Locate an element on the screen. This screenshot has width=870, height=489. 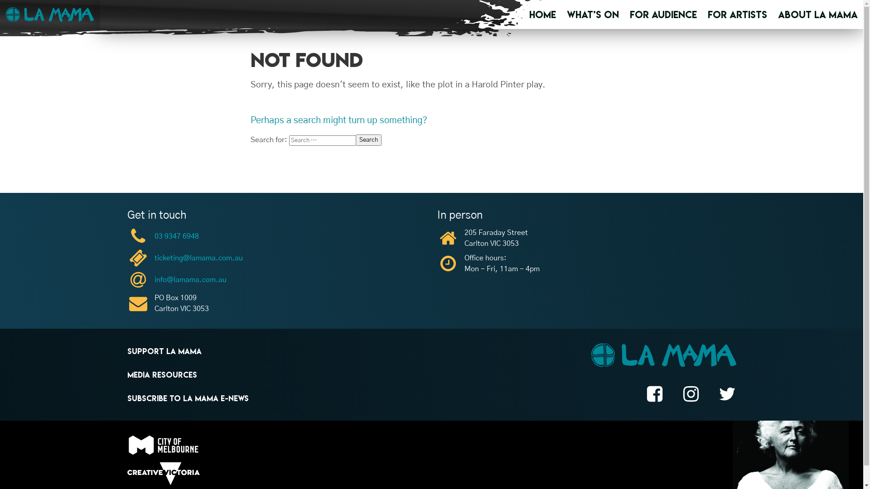
'La Mama logo' is located at coordinates (663, 356).